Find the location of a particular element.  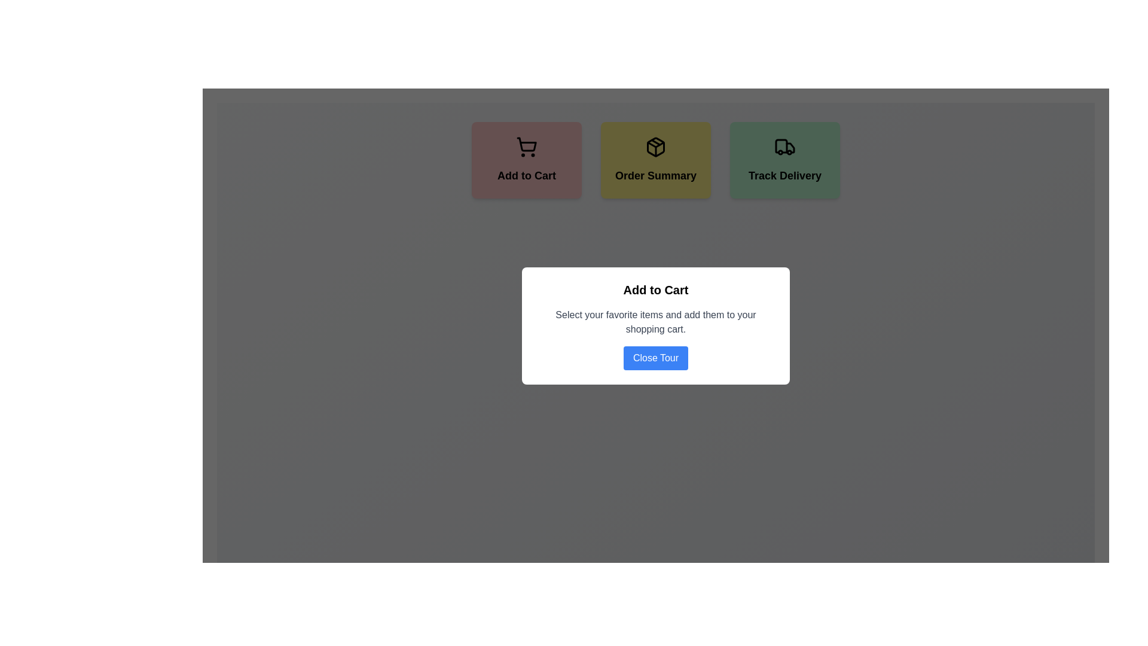

the 'Add to Cart' static text element, which is prominently displayed at the top of a white modal box in a large, bold font is located at coordinates (655, 290).